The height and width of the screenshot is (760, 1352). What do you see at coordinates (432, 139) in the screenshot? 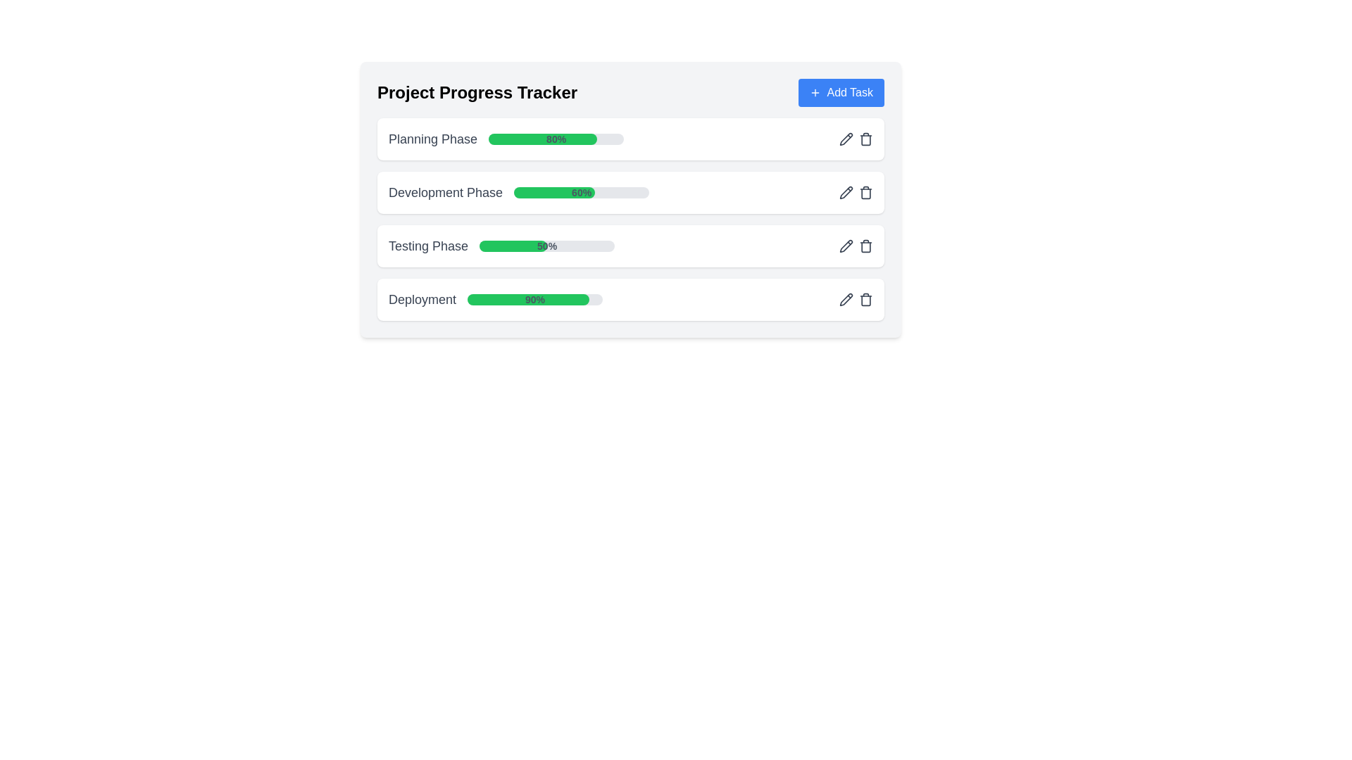
I see `the static text label that identifies the current progress phase, located at the top of the vertically stacked list of progress items, adjacent to the green progress bar labeled '80%'` at bounding box center [432, 139].